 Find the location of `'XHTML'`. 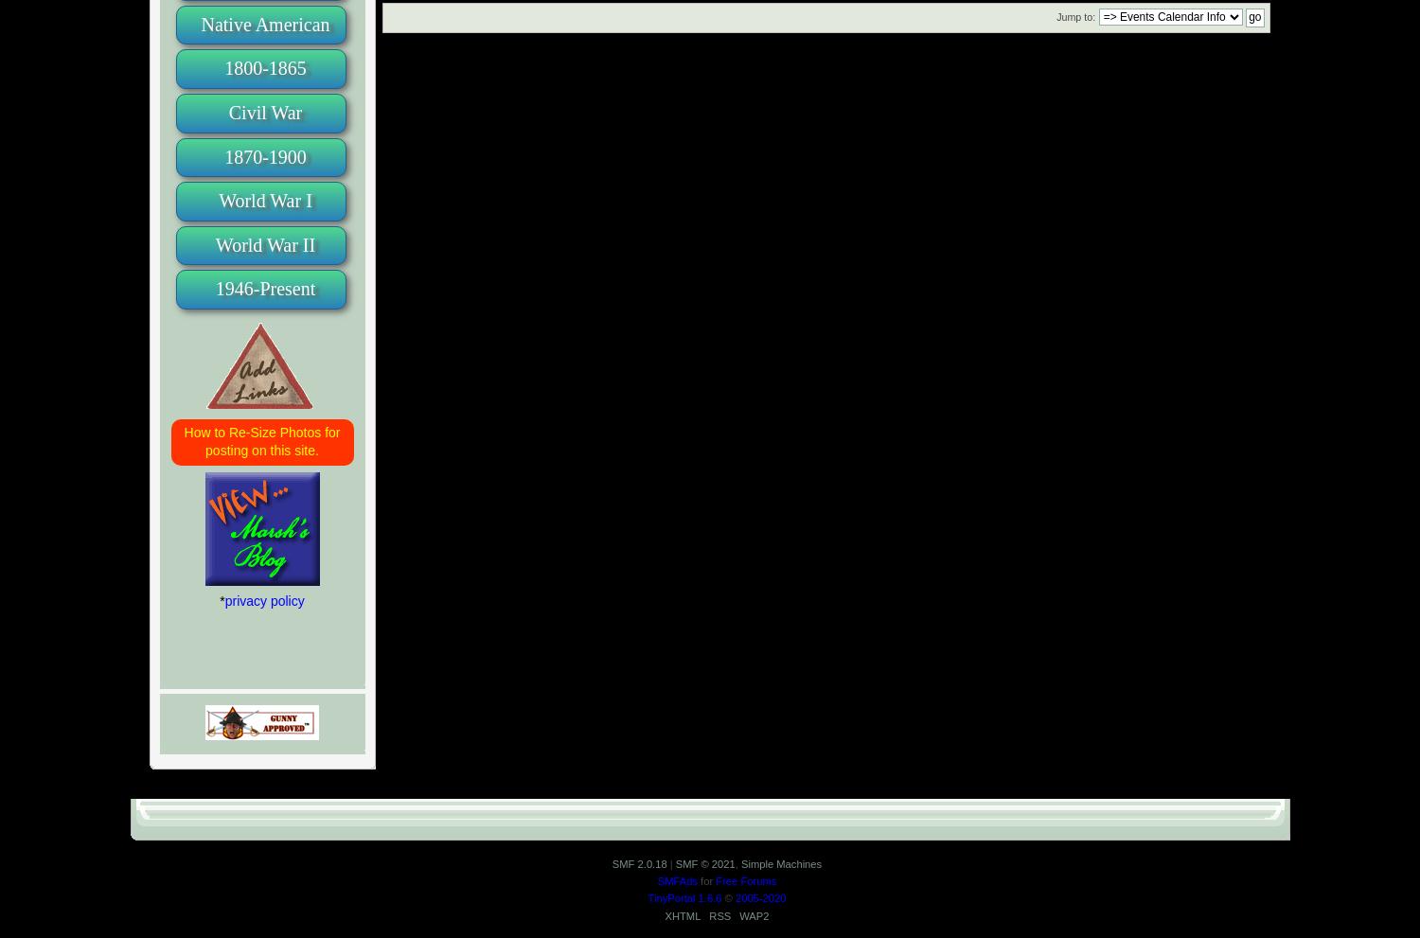

'XHTML' is located at coordinates (682, 916).